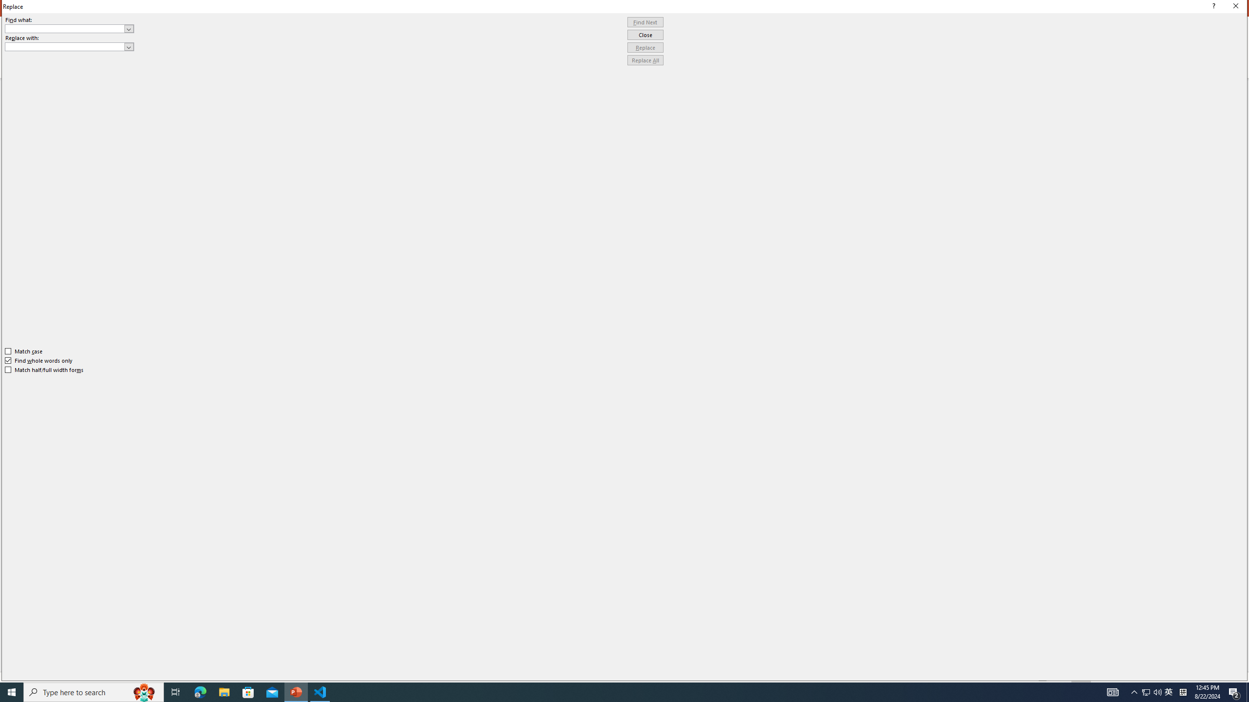 This screenshot has height=702, width=1249. What do you see at coordinates (39, 360) in the screenshot?
I see `'Find whole words only'` at bounding box center [39, 360].